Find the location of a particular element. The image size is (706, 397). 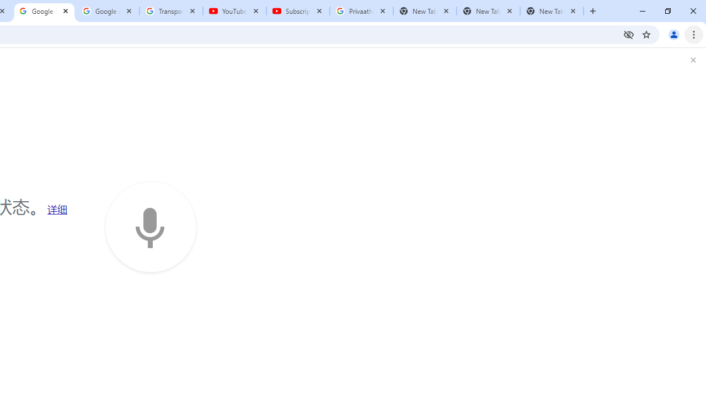

'New Tab' is located at coordinates (552, 11).